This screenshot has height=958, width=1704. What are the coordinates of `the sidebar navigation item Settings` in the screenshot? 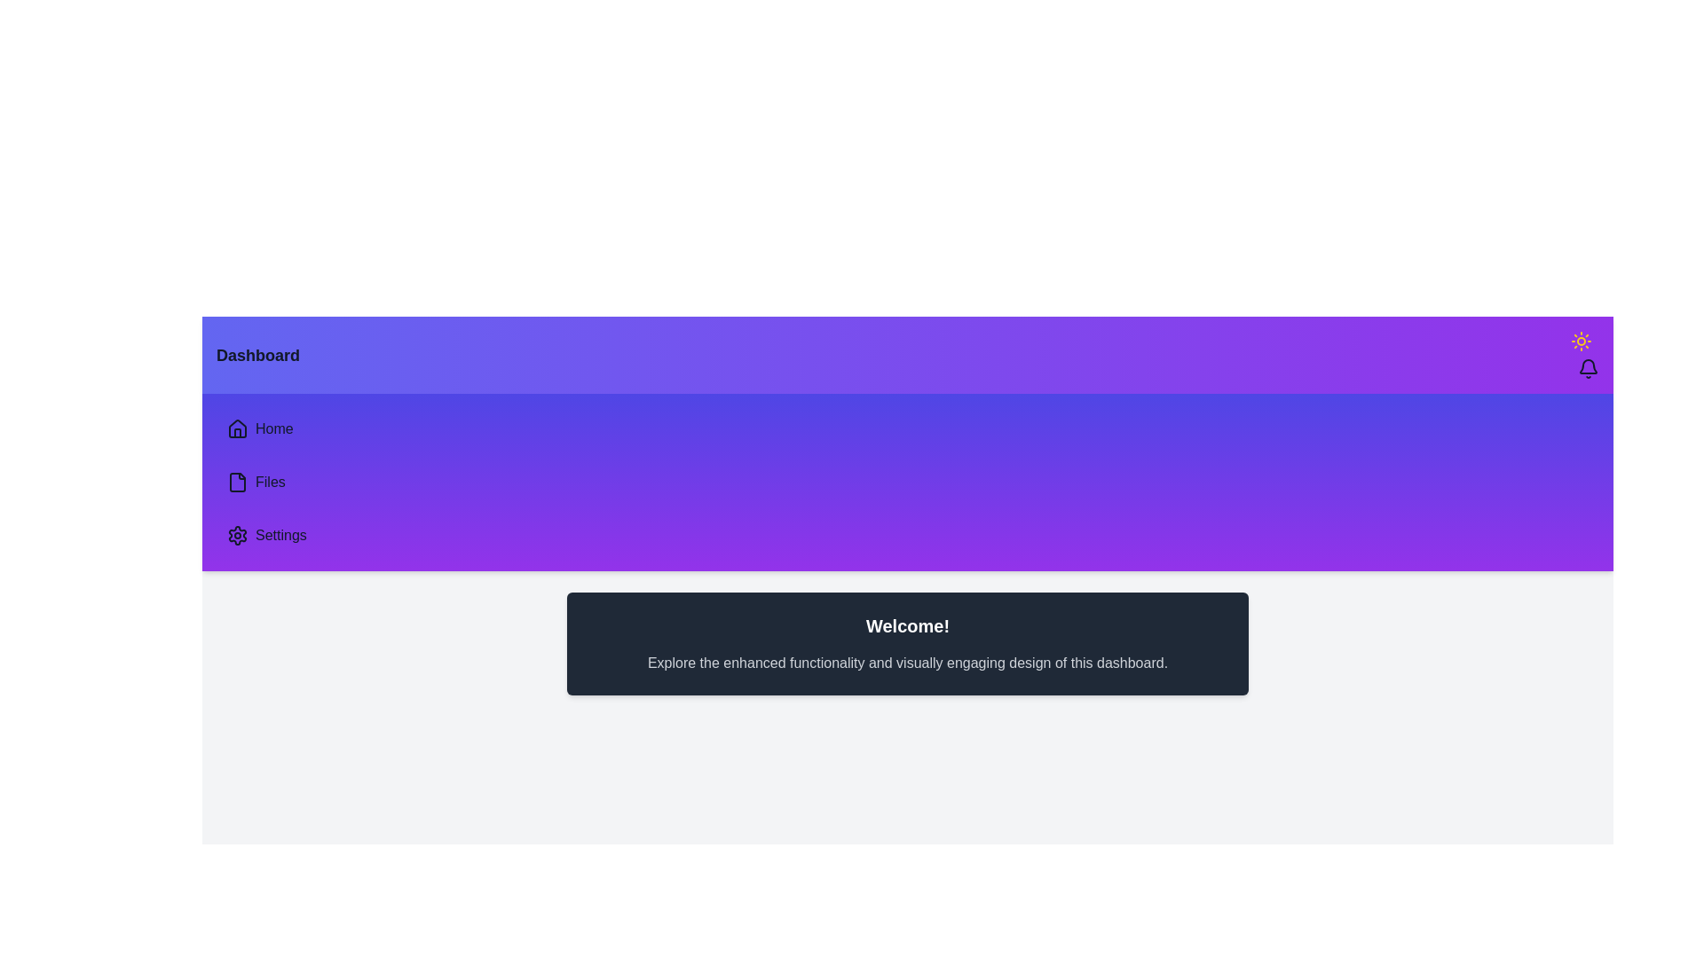 It's located at (216, 535).